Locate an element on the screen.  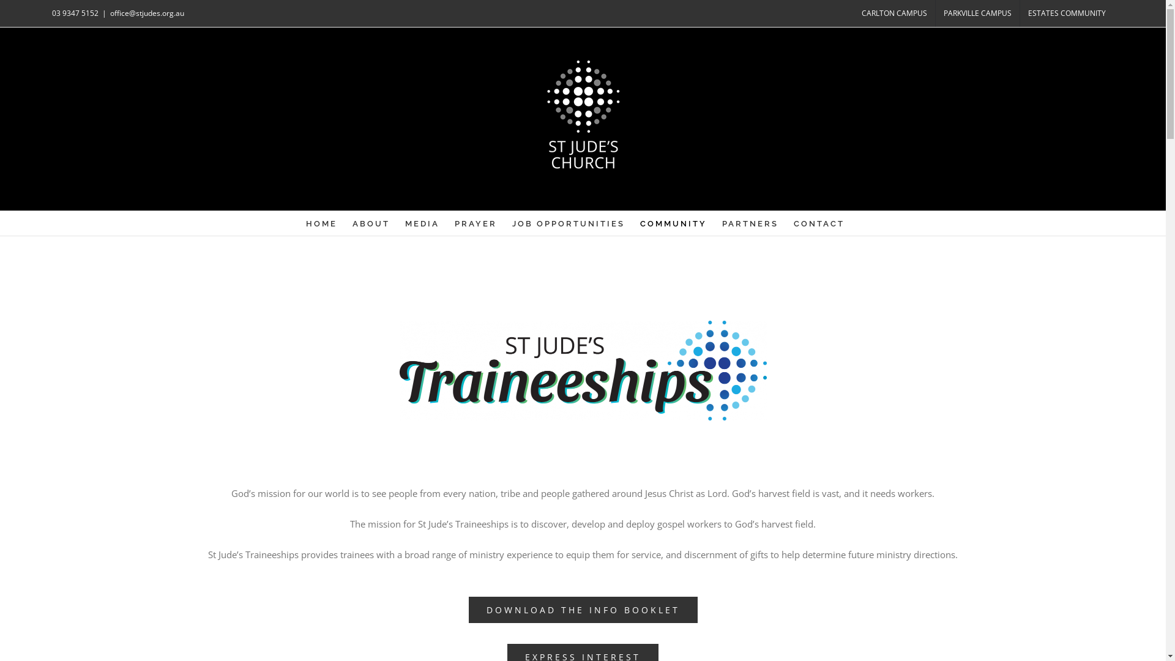
'JOB OPPORTUNITIES' is located at coordinates (568, 223).